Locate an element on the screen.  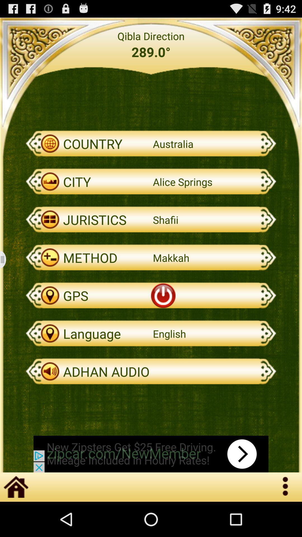
hide button is located at coordinates (6, 259).